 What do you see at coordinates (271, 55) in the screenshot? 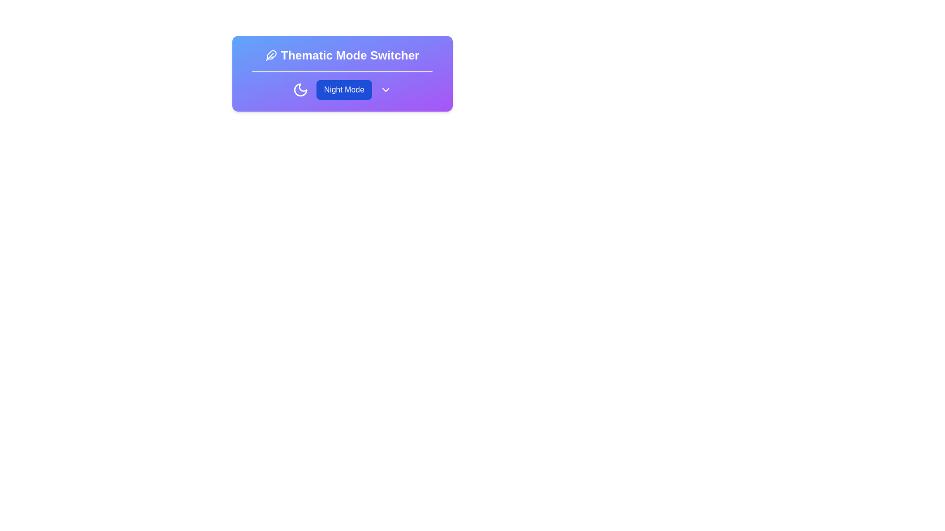
I see `the feather icon on the left of the 'Thematic Mode Switcher' heading, which features a minimalist design with thin white lines on a blue background` at bounding box center [271, 55].